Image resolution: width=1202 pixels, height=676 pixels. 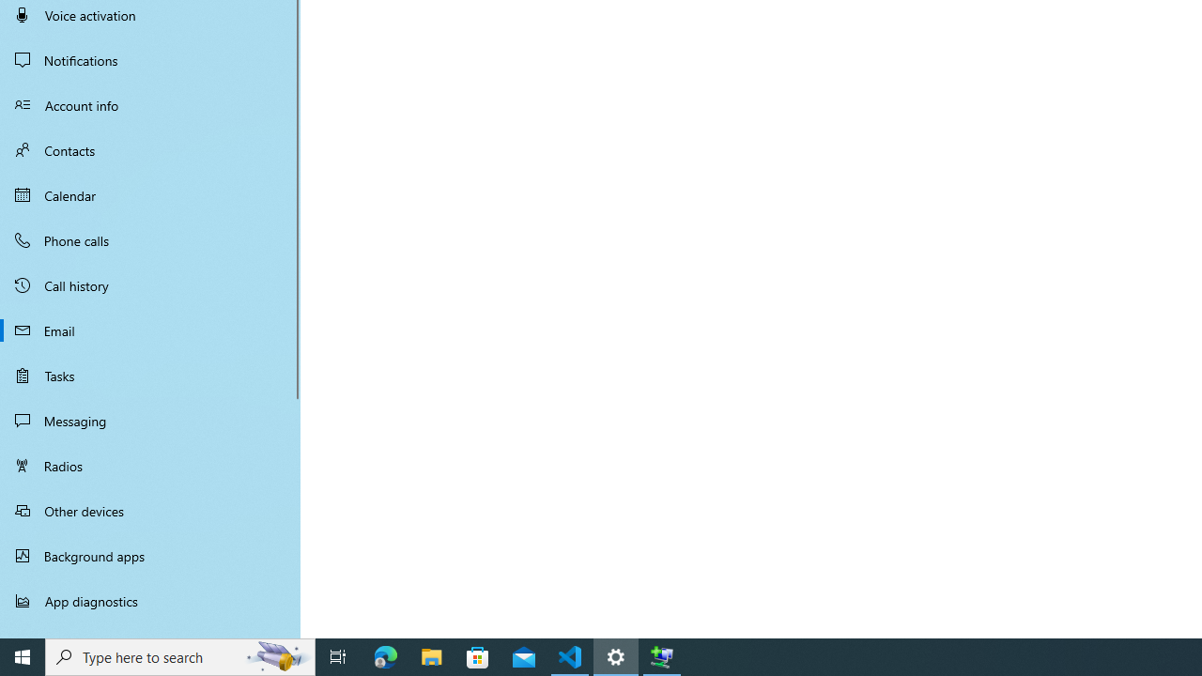 What do you see at coordinates (150, 555) in the screenshot?
I see `'Background apps'` at bounding box center [150, 555].